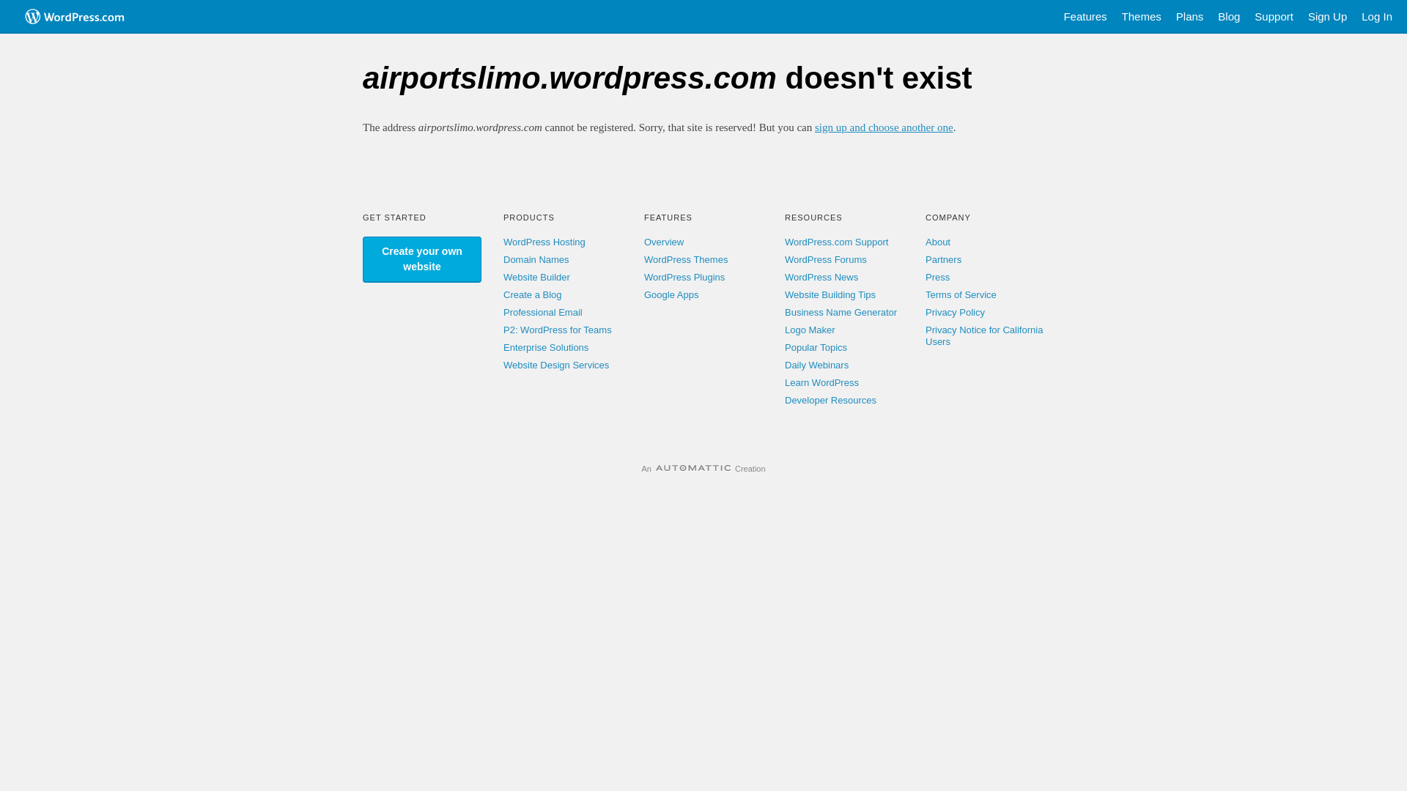  Describe the element at coordinates (783, 294) in the screenshot. I see `'Website Building Tips'` at that location.